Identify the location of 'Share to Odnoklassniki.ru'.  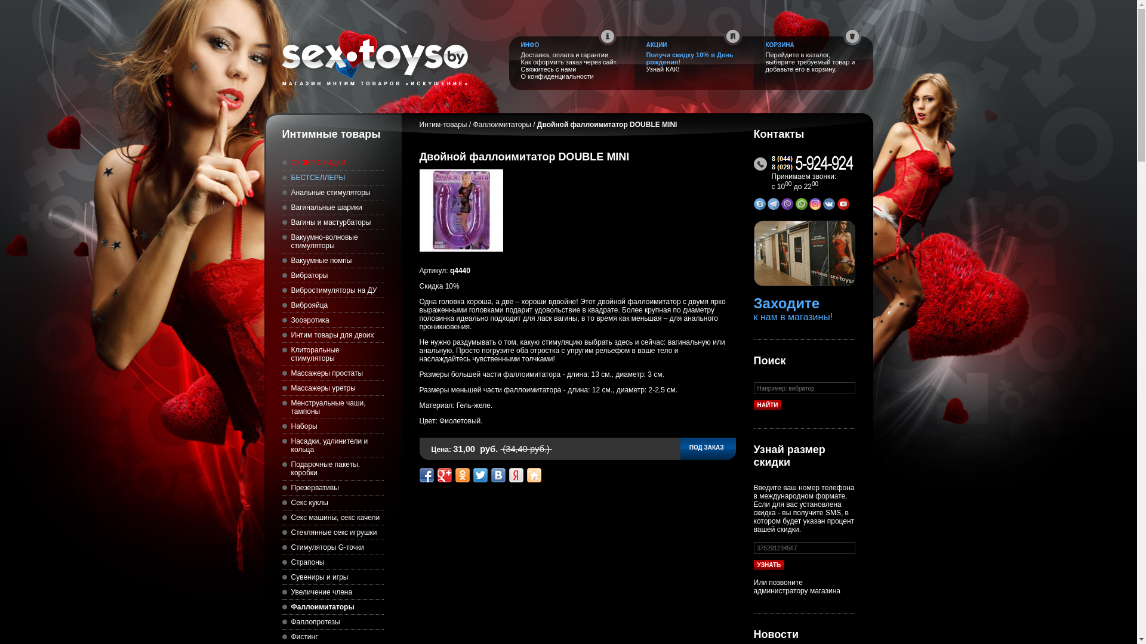
(461, 475).